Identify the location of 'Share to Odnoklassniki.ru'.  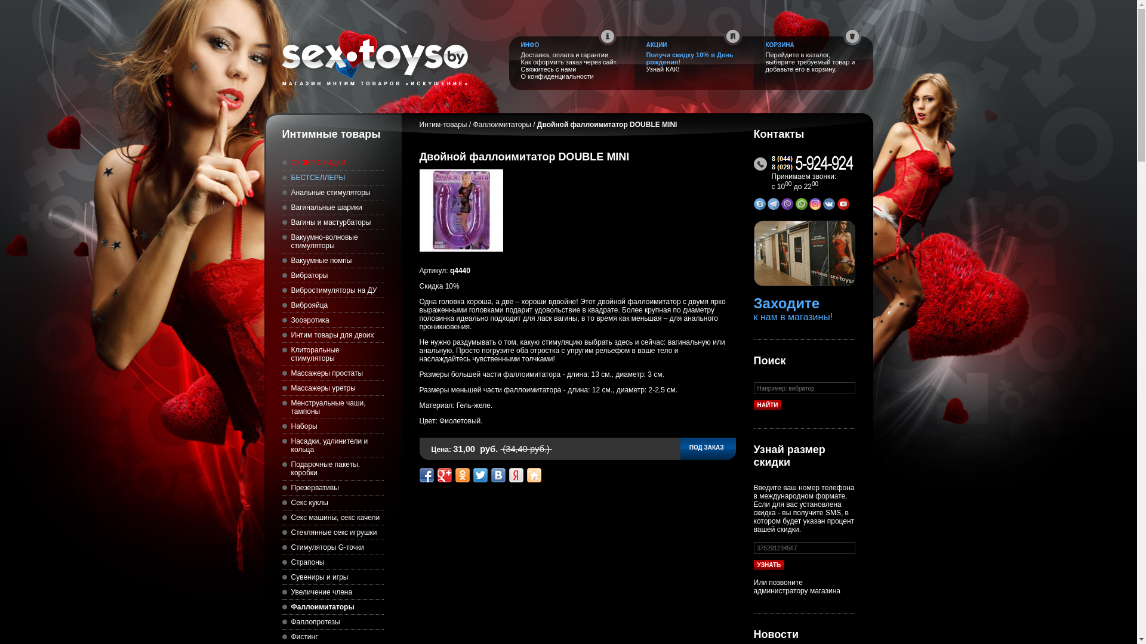
(461, 475).